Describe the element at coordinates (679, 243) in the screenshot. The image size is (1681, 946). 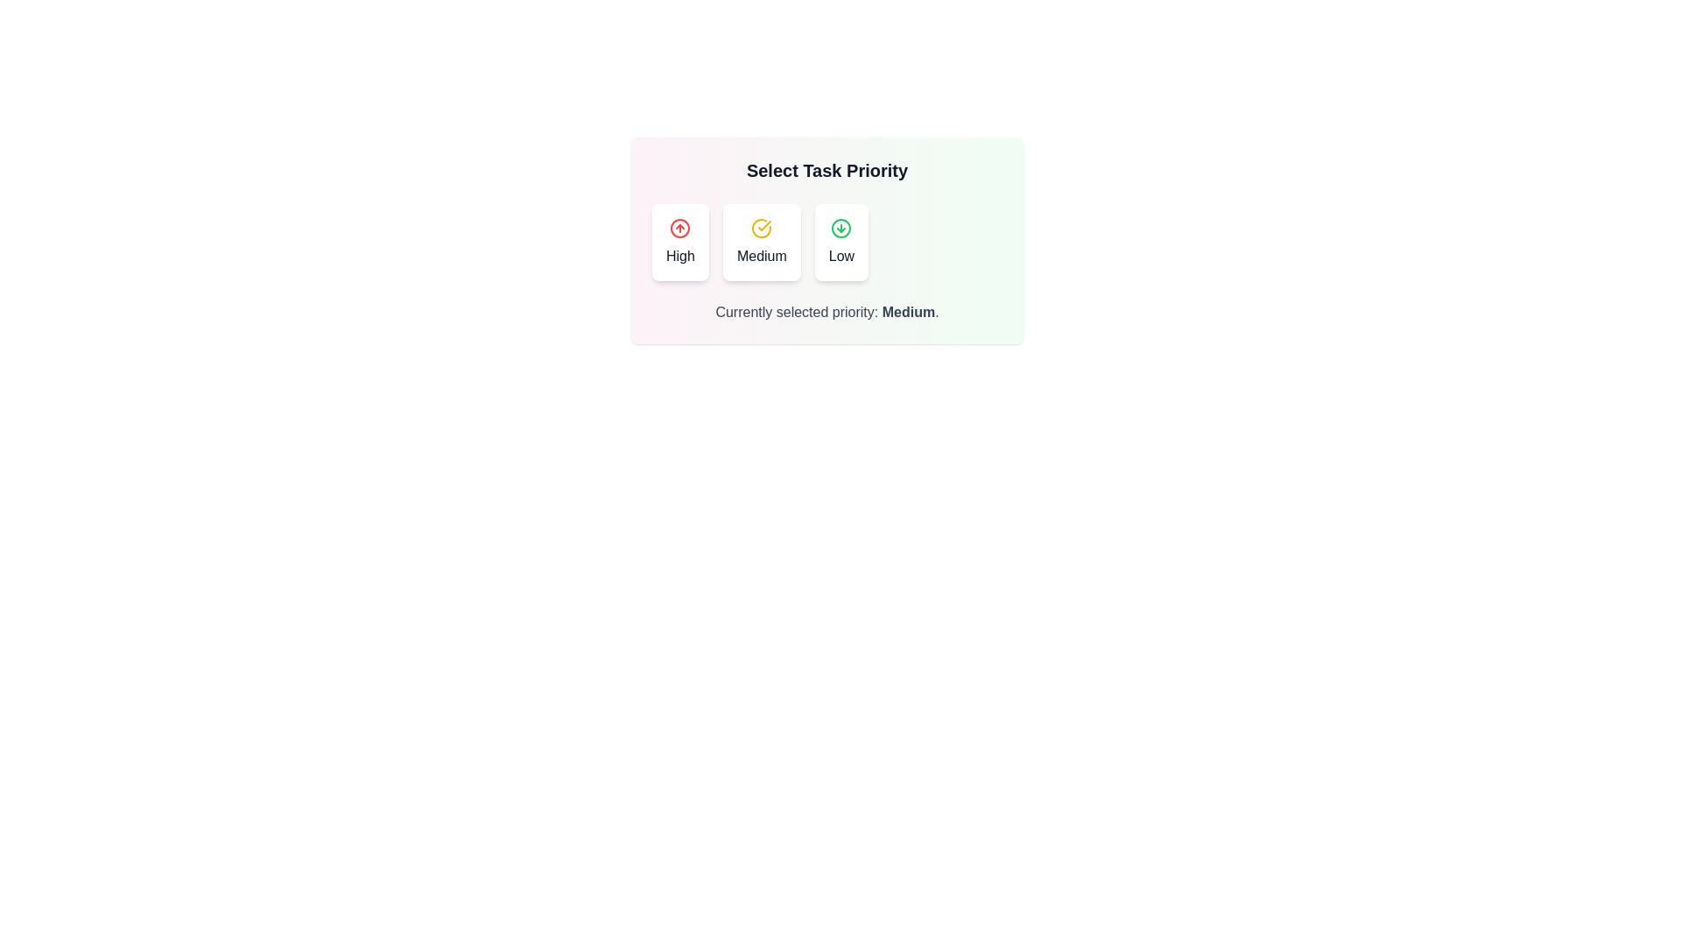
I see `the priority level High by clicking on the corresponding option` at that location.